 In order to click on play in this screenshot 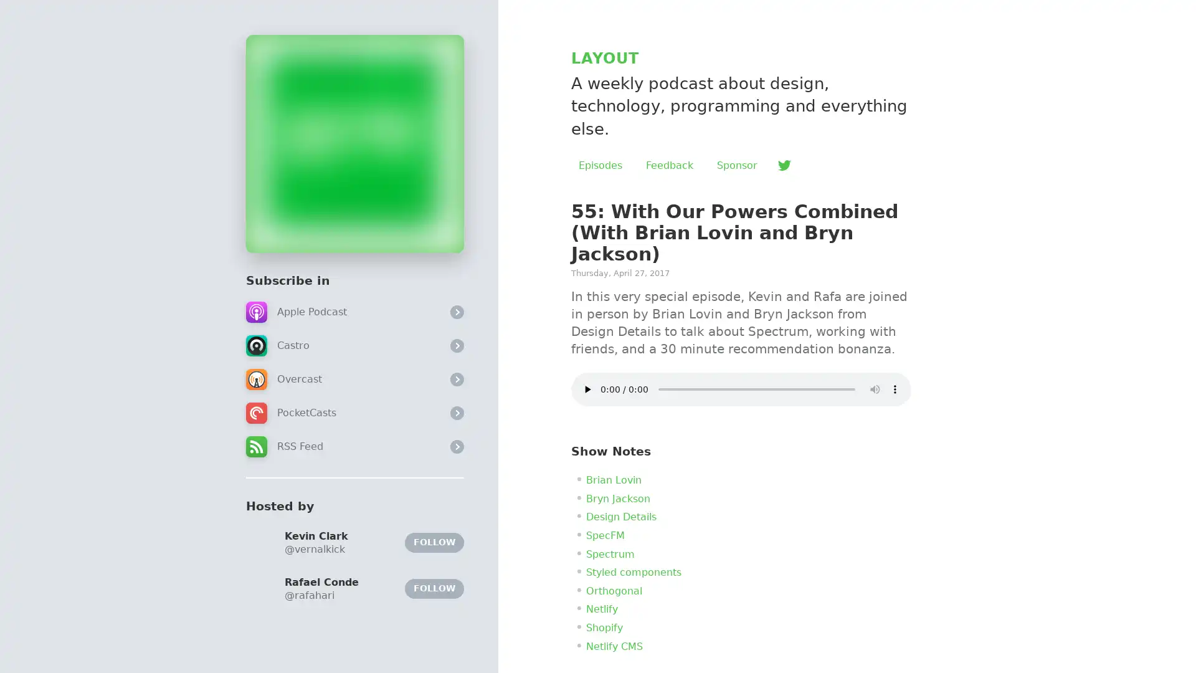, I will do `click(586, 388)`.